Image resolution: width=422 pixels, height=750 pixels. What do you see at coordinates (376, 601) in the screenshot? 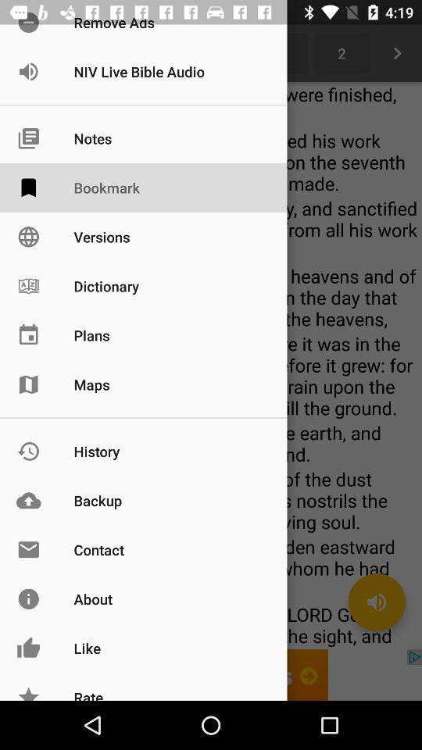
I see `the volume icon` at bounding box center [376, 601].